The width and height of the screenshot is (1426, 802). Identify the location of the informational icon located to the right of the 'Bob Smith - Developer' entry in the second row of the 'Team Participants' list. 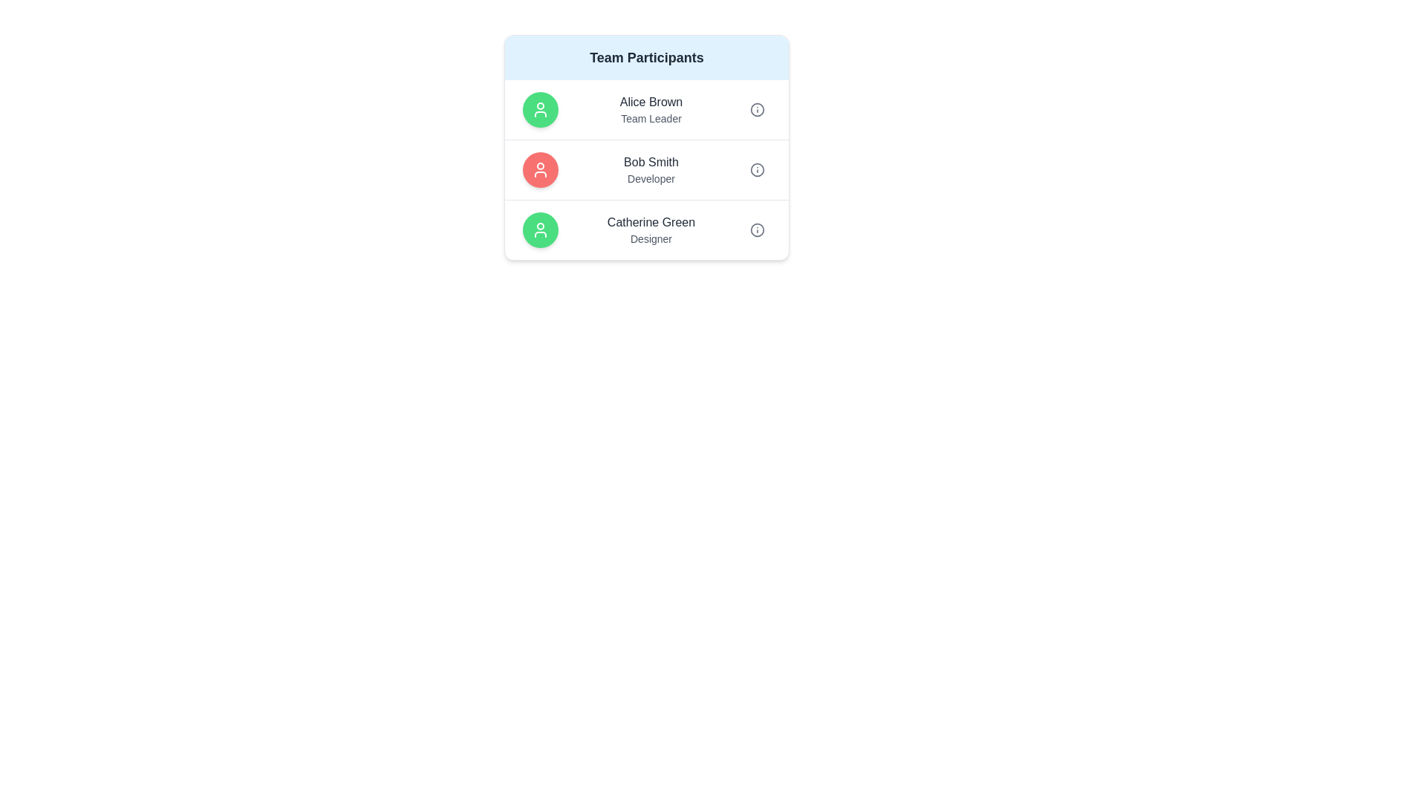
(757, 169).